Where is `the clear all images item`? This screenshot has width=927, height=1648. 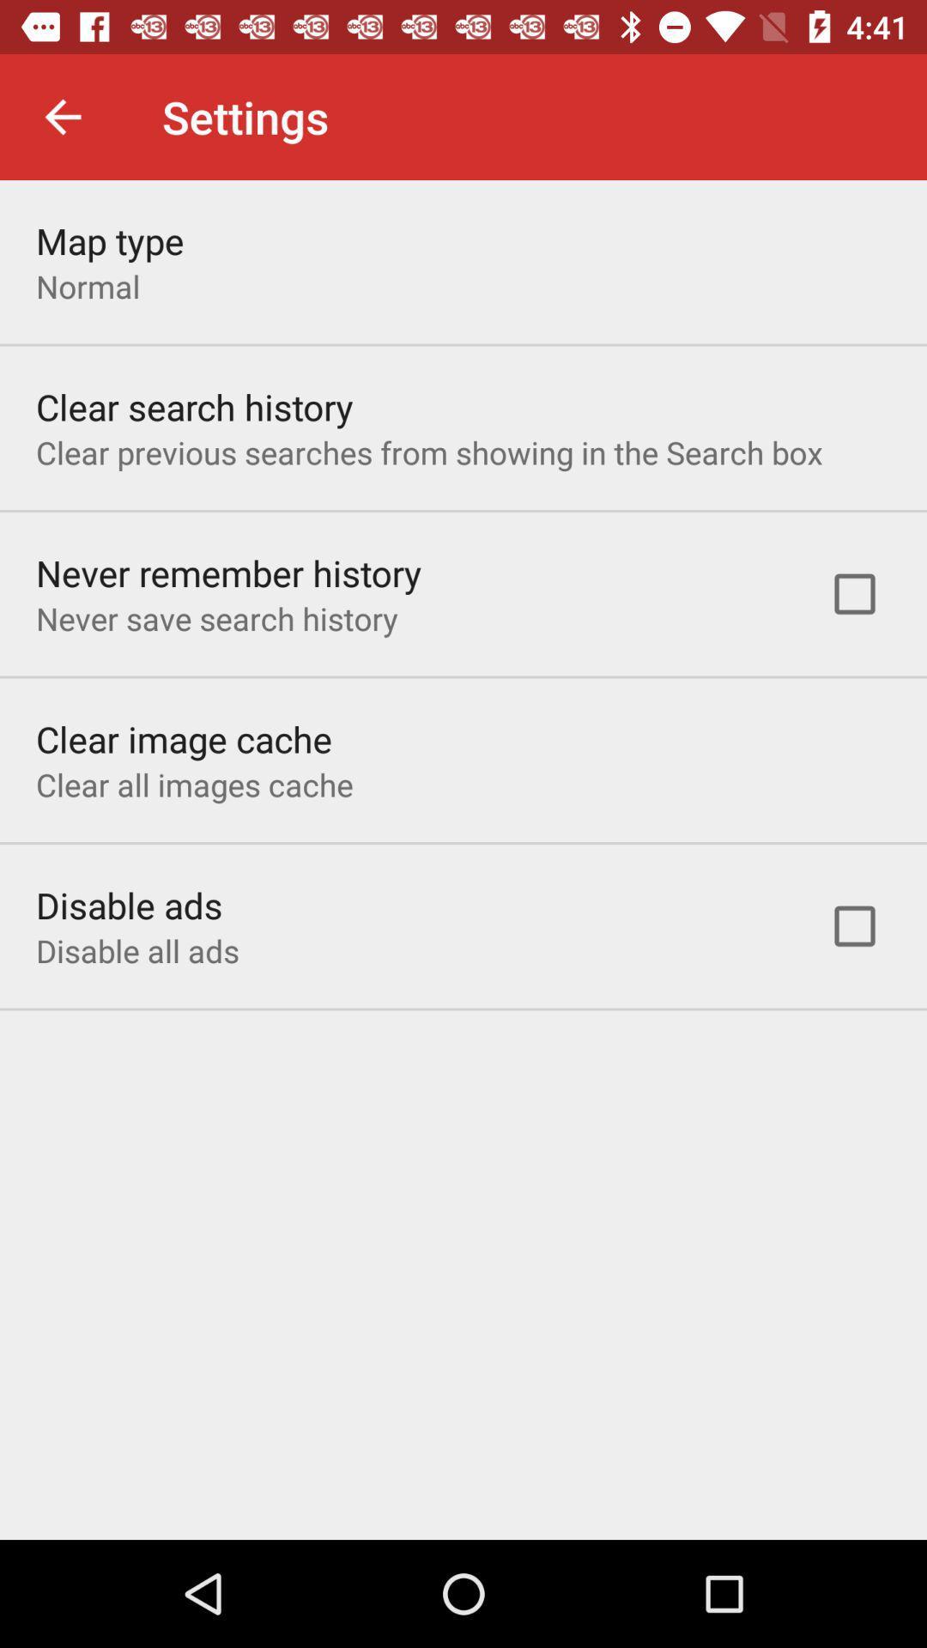
the clear all images item is located at coordinates (193, 784).